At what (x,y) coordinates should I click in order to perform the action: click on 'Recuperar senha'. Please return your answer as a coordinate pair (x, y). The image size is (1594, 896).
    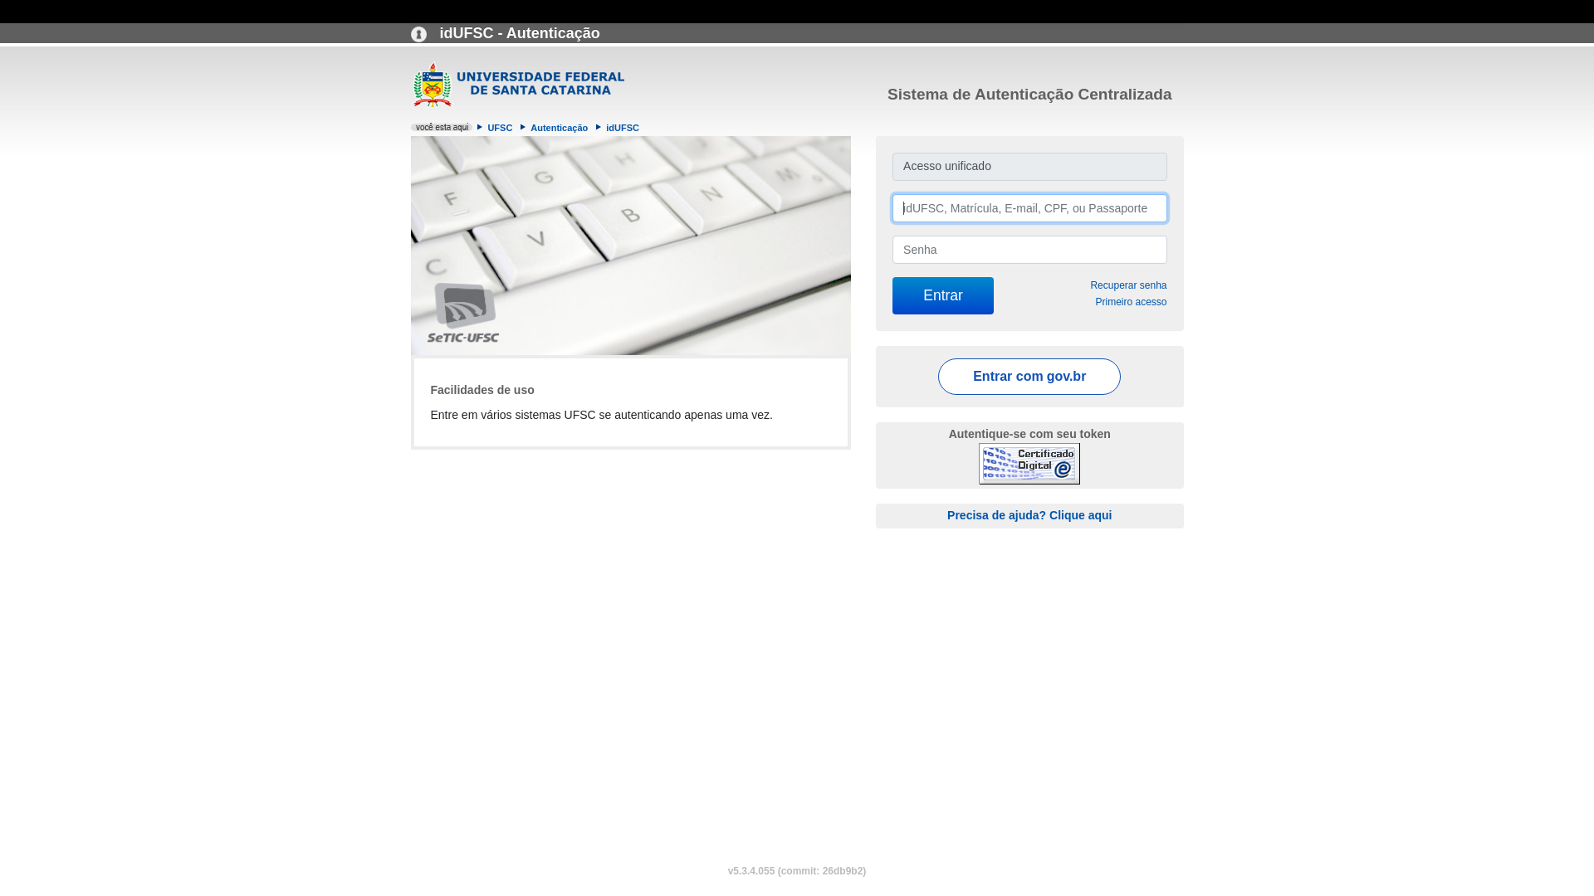
    Looking at the image, I should click on (1090, 284).